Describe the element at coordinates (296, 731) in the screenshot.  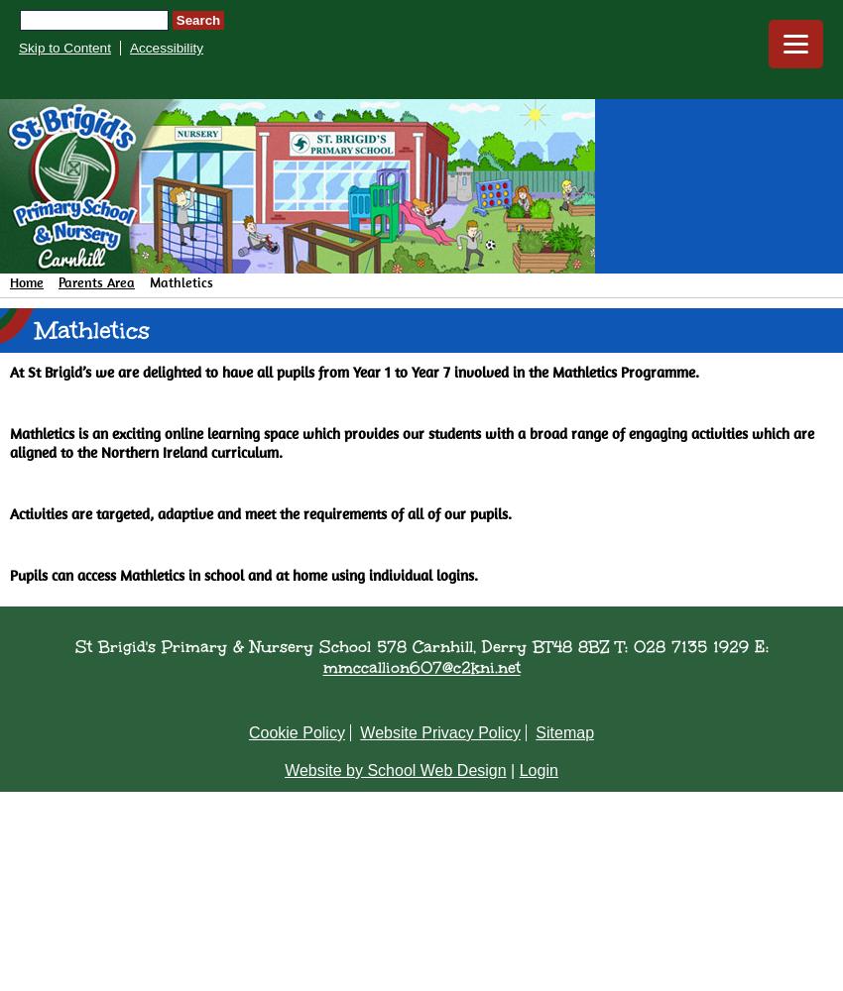
I see `'Cookie Policy'` at that location.